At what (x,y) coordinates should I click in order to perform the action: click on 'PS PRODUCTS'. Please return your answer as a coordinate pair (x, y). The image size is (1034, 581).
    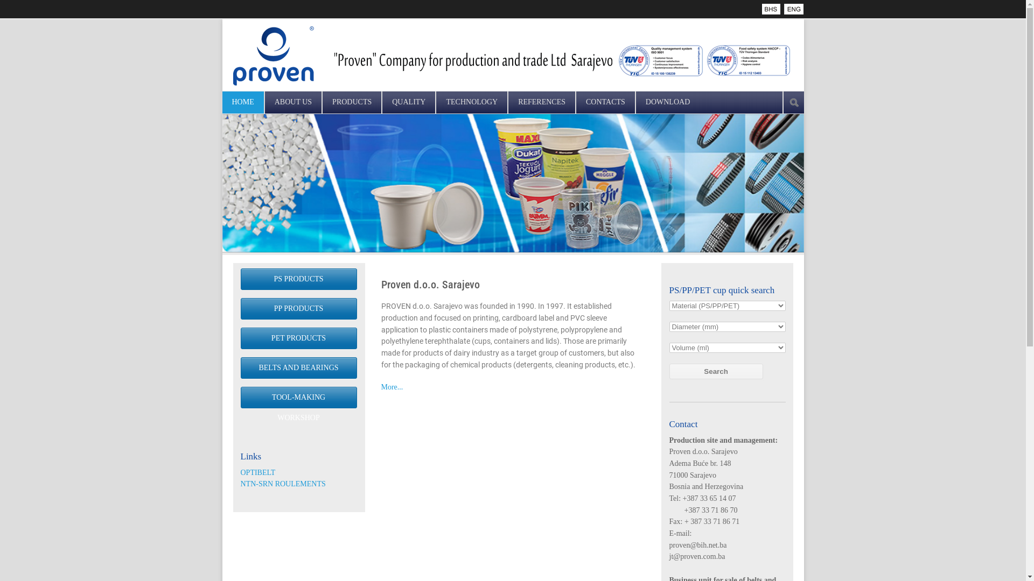
    Looking at the image, I should click on (298, 279).